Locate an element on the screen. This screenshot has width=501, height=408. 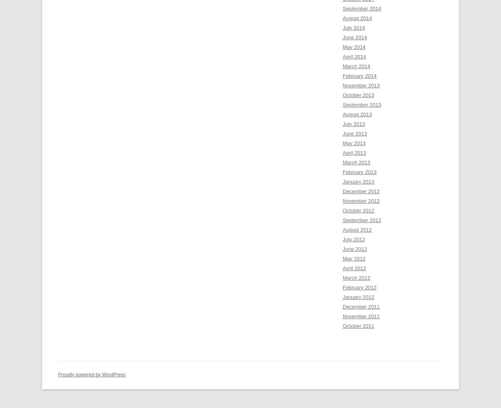
'June 2014' is located at coordinates (342, 37).